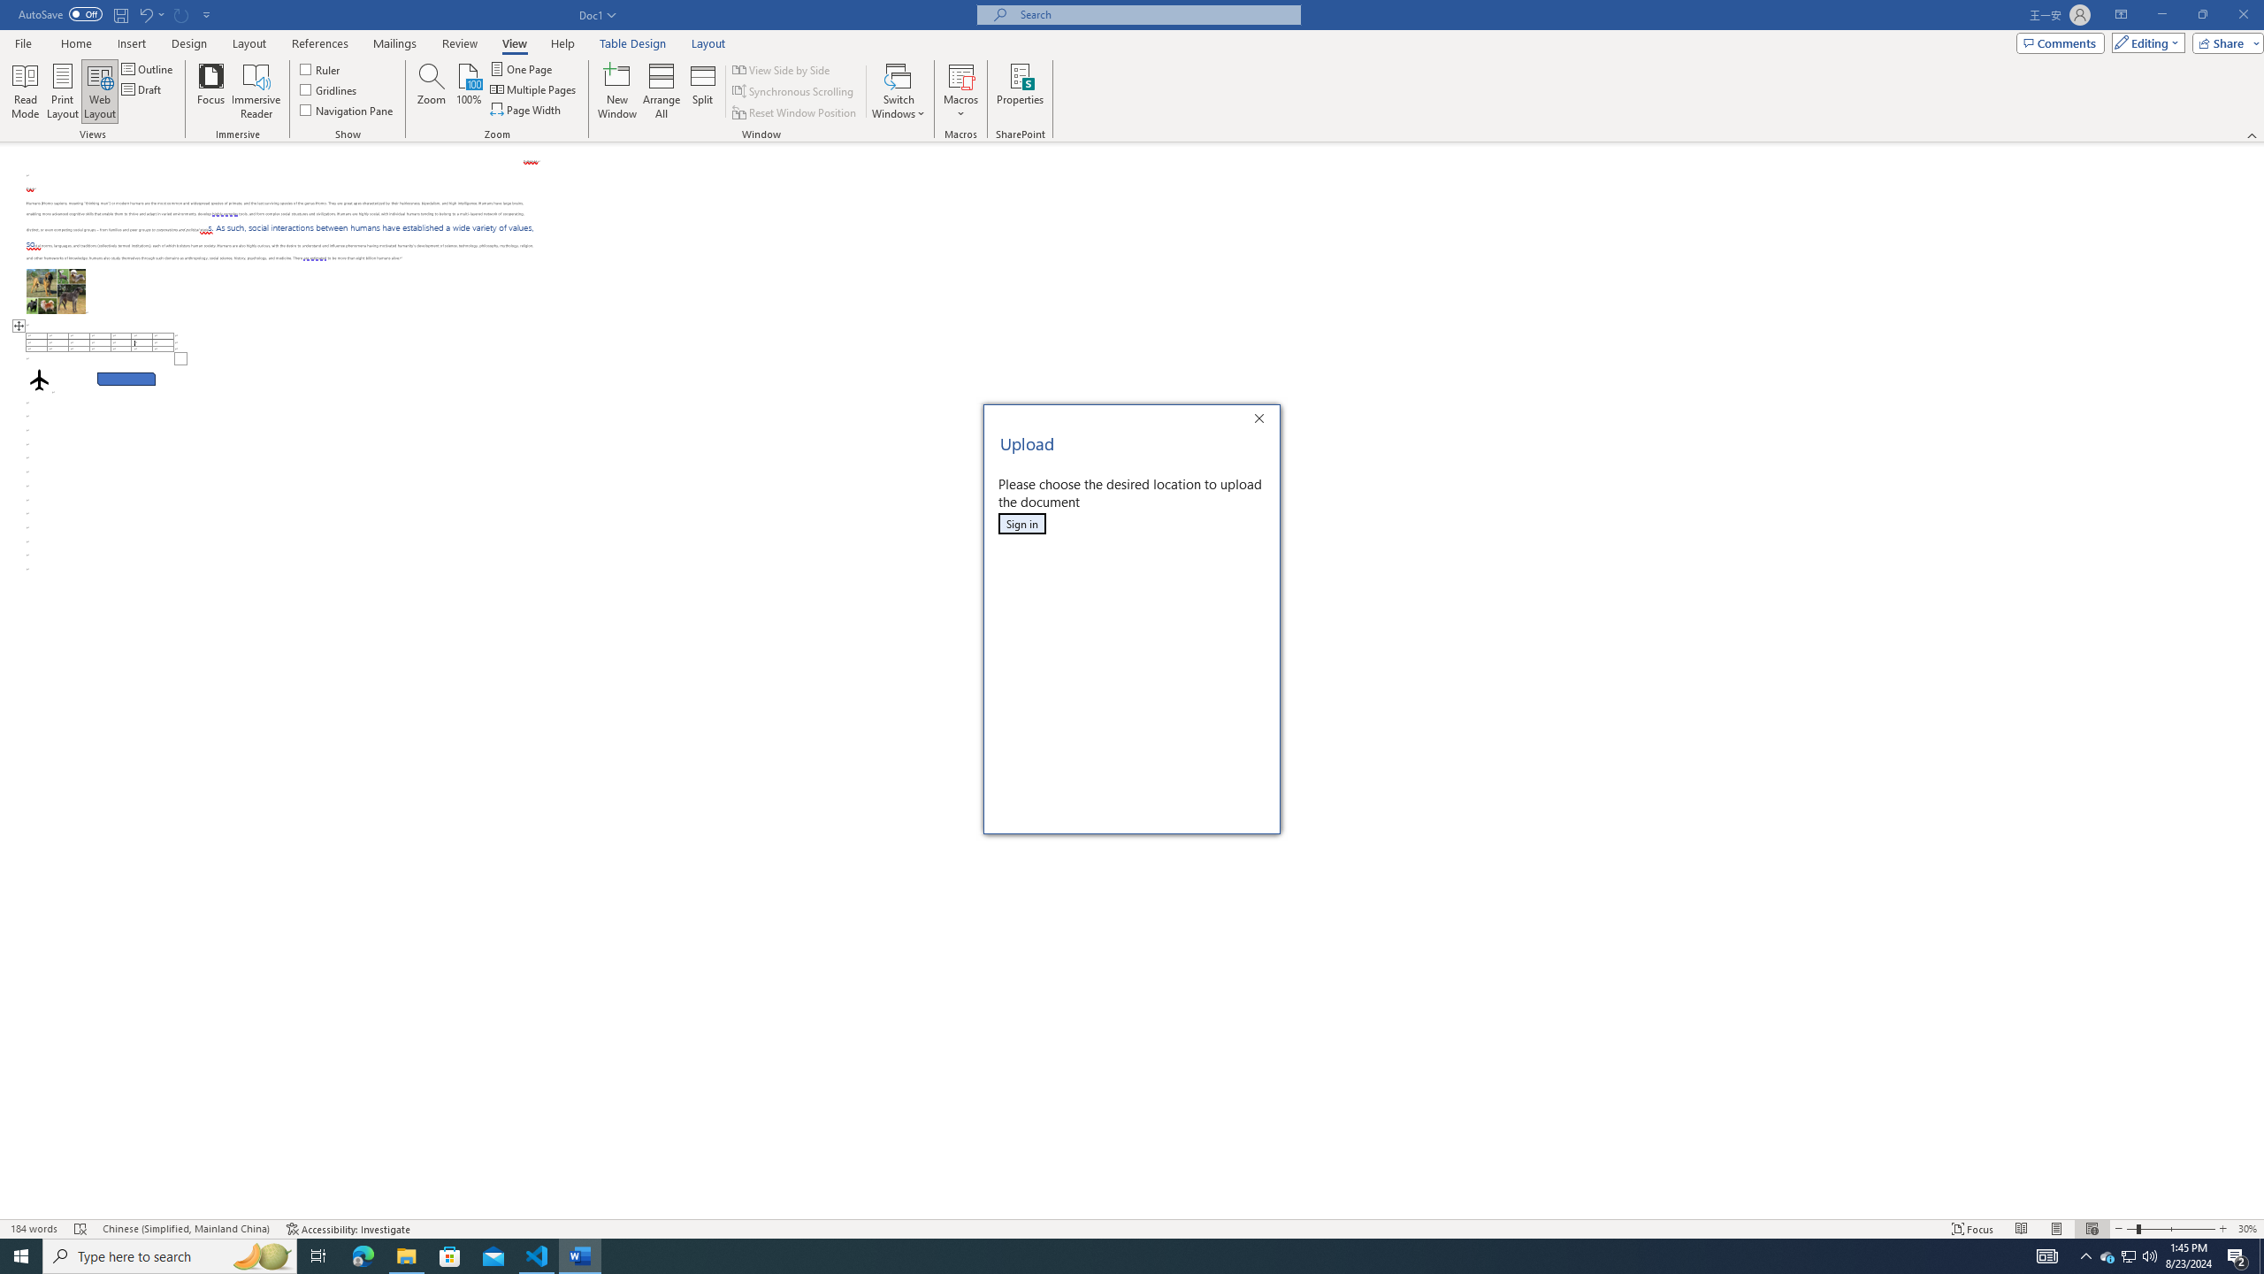 The height and width of the screenshot is (1274, 2264). What do you see at coordinates (2253, 135) in the screenshot?
I see `'Collapse the Ribbon'` at bounding box center [2253, 135].